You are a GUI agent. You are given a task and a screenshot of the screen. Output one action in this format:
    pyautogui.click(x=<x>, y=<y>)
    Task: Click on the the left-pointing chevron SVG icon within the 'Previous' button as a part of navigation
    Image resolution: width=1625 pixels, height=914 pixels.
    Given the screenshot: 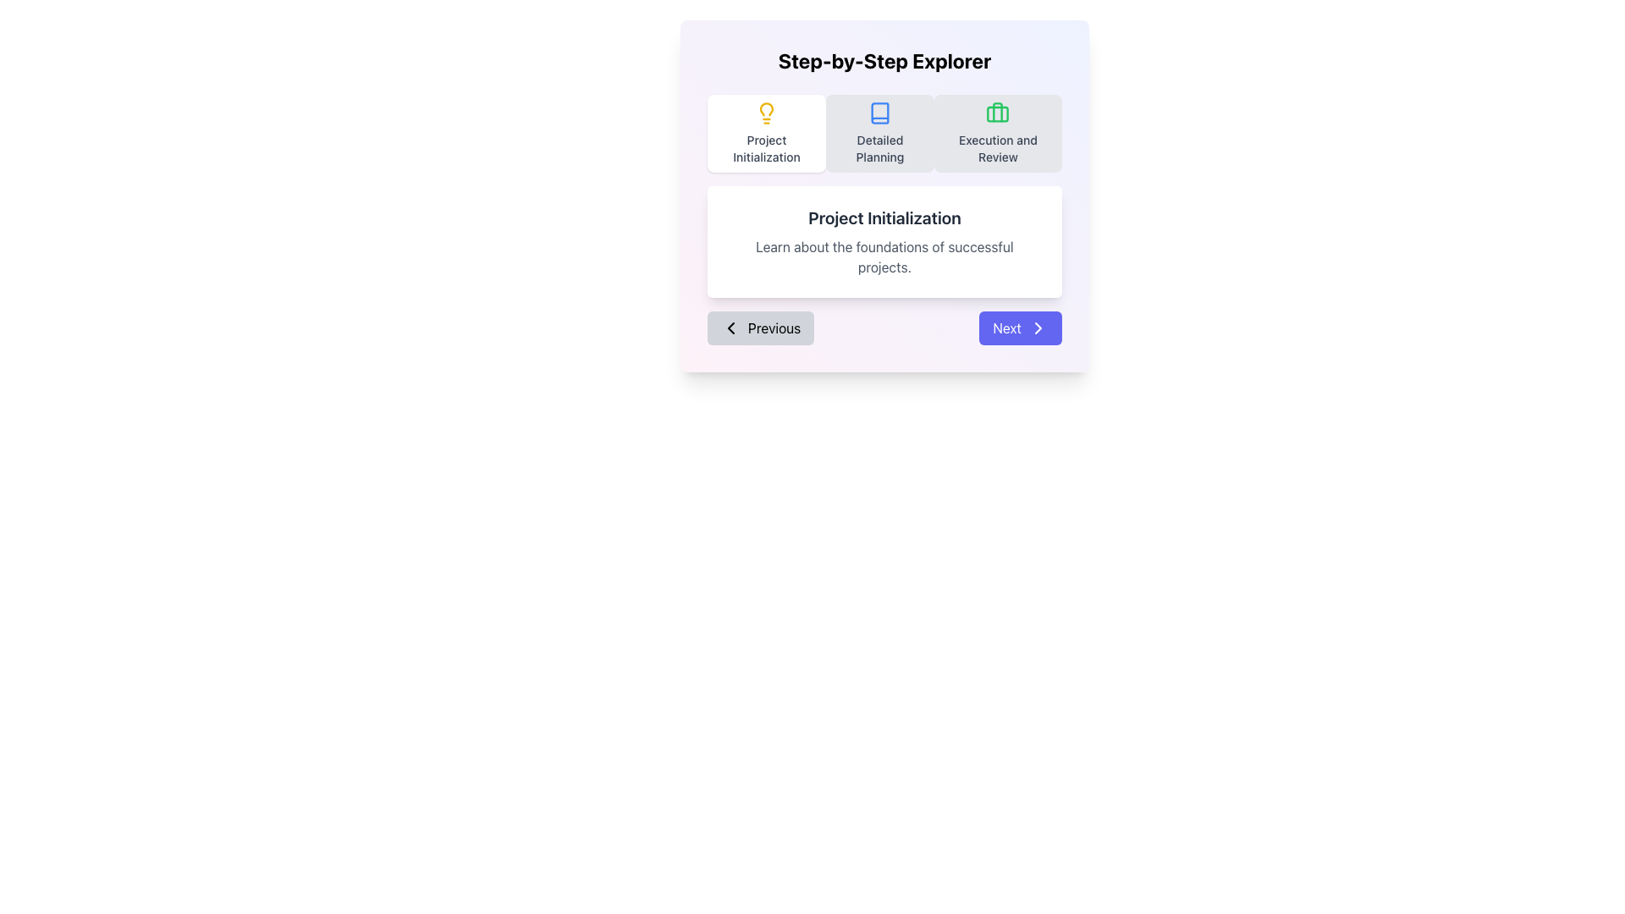 What is the action you would take?
    pyautogui.click(x=731, y=328)
    